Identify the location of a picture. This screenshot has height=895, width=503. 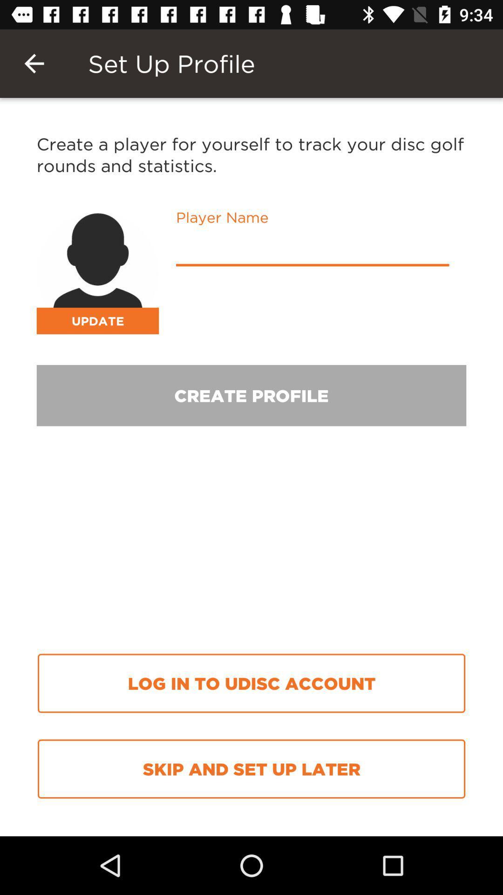
(97, 272).